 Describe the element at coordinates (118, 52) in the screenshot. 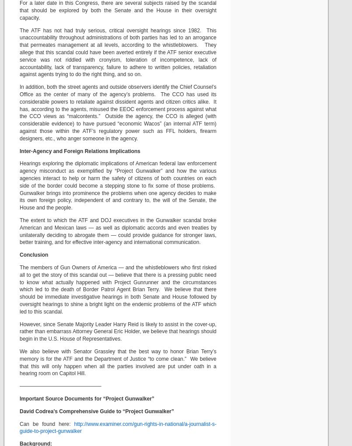

I see `'The ATF has not had truly  serious, critical oversight hearings since 1982.  This unaccountability  throughout administrations of both parties has led to an arrogance that  permeates management at all levels, according to the whistleblowers.    They allege that this scandal could have been averted entirely if the  ATF senior executive service was not riddled with cronyism, toleration  of incompetence, lack of accountability, lack of transparency, failure  to adhere to written policies, retaliation against agents trying to do  the right thing, and so on.'` at that location.